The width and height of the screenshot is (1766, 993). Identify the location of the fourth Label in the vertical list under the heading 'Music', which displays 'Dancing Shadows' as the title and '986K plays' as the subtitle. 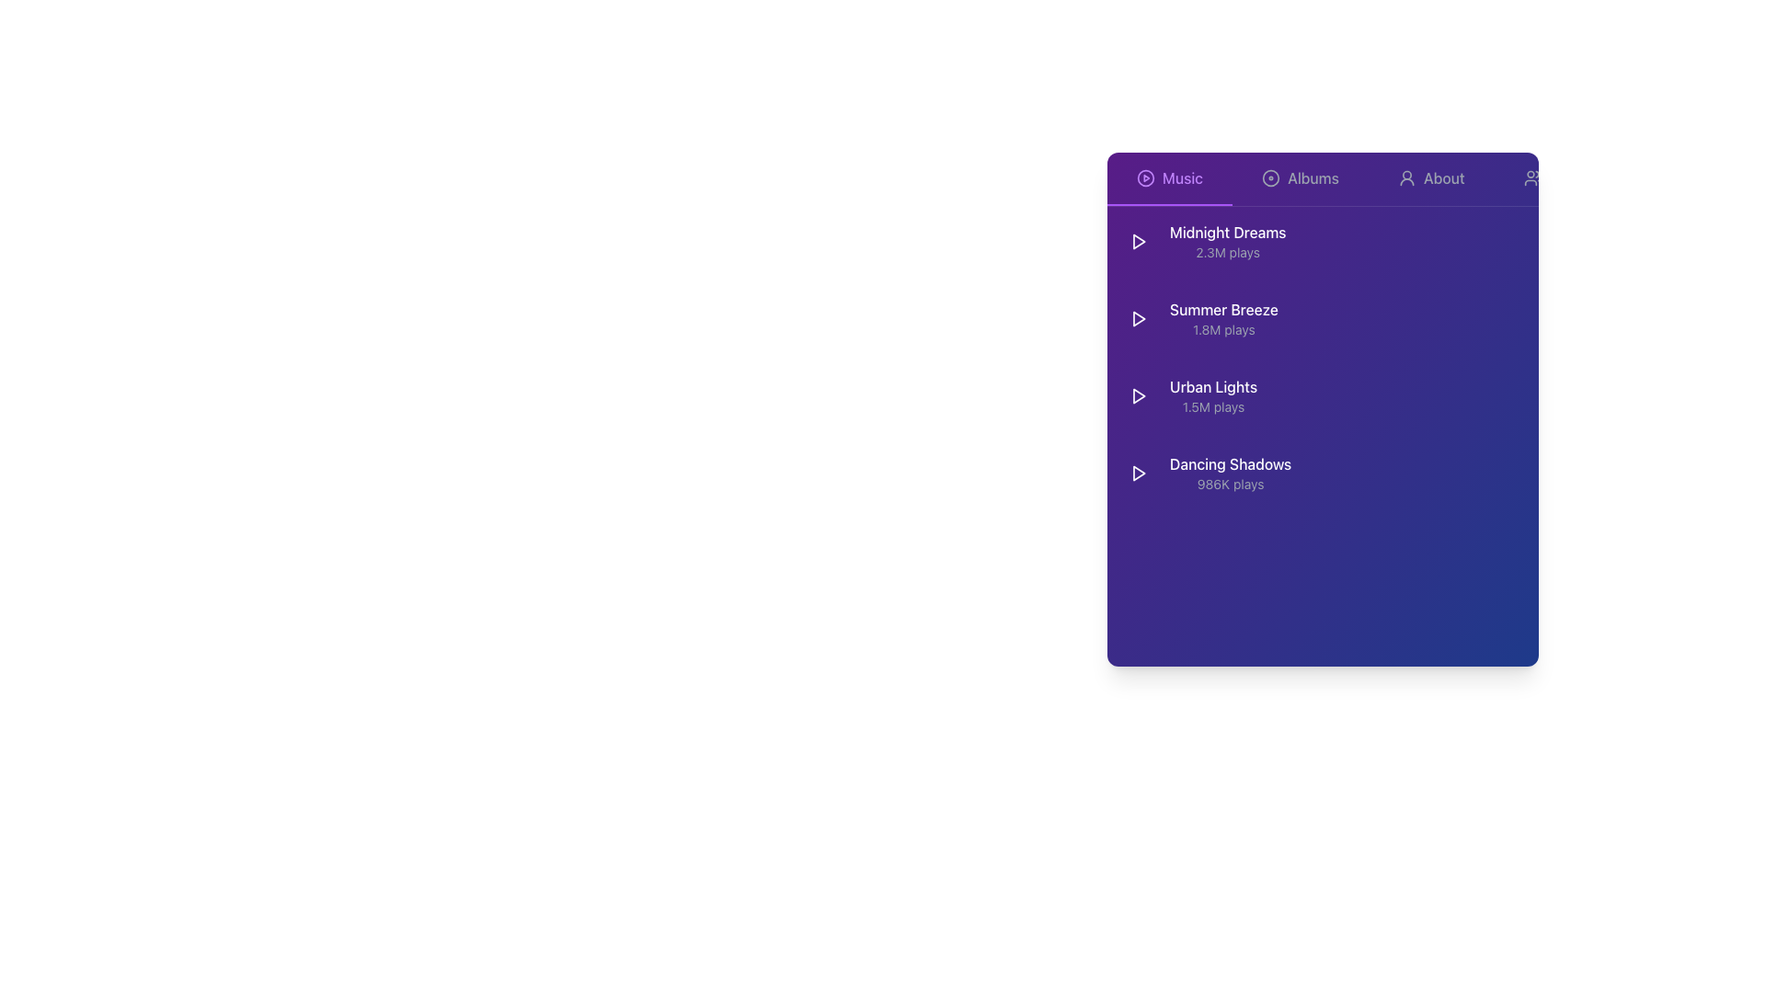
(1231, 473).